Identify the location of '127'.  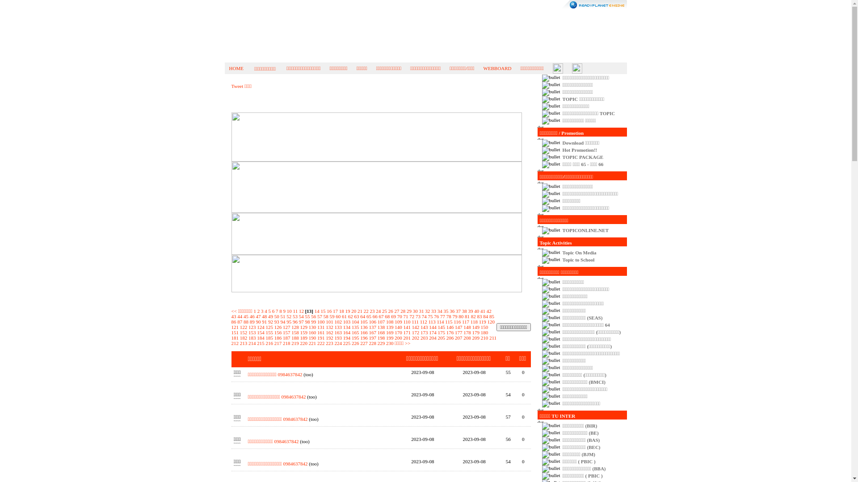
(286, 327).